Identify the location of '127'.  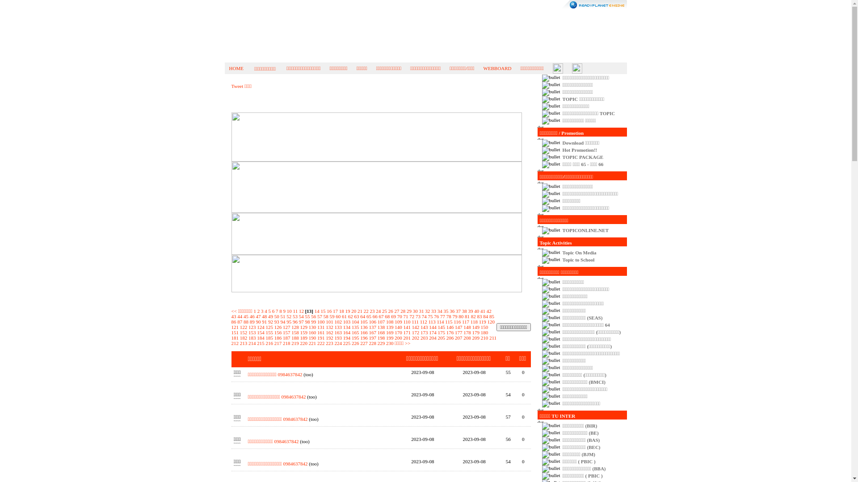
(286, 327).